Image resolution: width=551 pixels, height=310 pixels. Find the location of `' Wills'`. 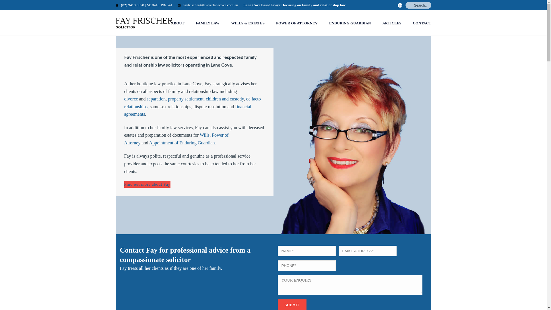

' Wills' is located at coordinates (204, 135).